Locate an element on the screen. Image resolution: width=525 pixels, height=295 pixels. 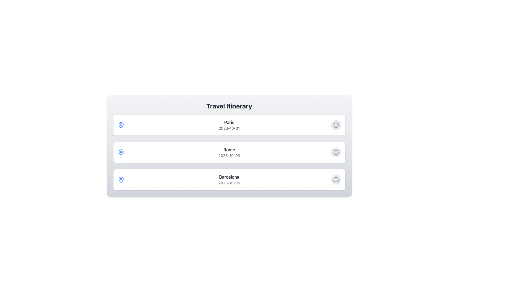
the text block containing the title 'Paris' and the date '2023-10-01' to focus on this item in the 'Travel Itinerary' section, despite it being non-interactive is located at coordinates (229, 125).